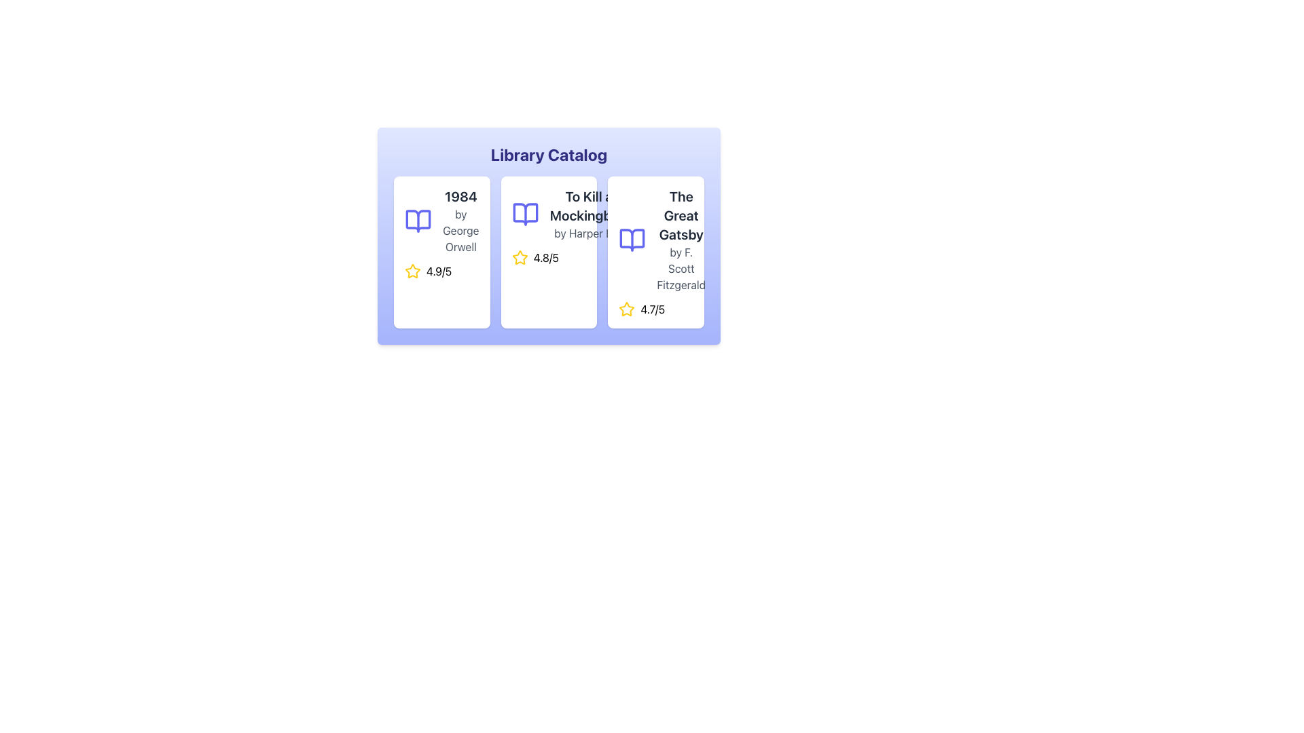  I want to click on the text display element that shows the title and author's name of a book in the library catalog system, so click(460, 221).